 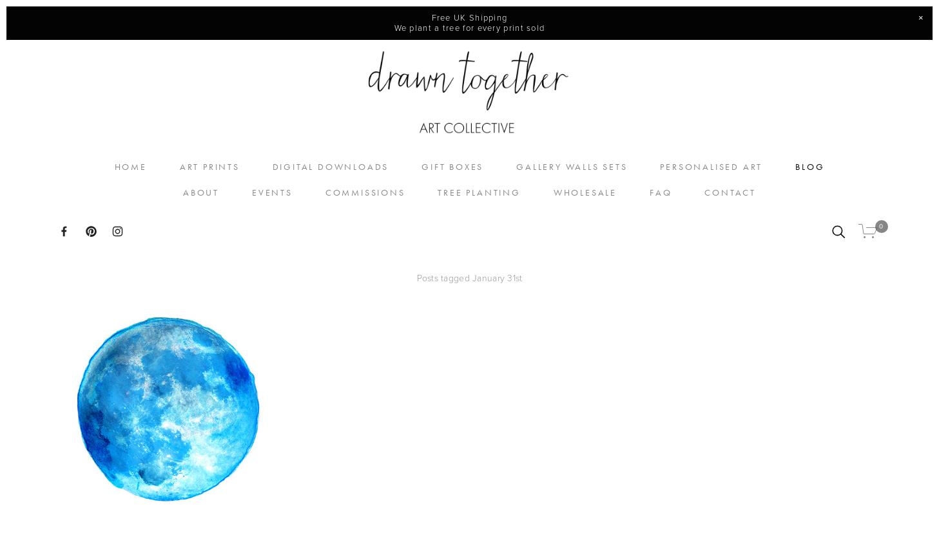 What do you see at coordinates (451, 166) in the screenshot?
I see `'Gift Boxes'` at bounding box center [451, 166].